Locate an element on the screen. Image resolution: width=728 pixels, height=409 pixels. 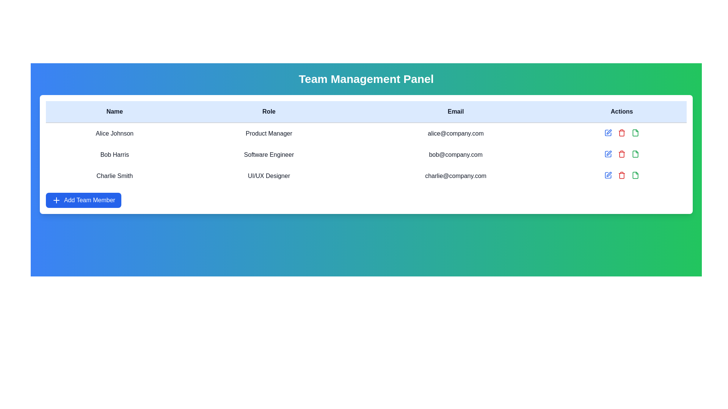
the blue 'Add Team Member' button which features a plus symbol icon, located at the bottom left corner of the interface is located at coordinates (56, 200).